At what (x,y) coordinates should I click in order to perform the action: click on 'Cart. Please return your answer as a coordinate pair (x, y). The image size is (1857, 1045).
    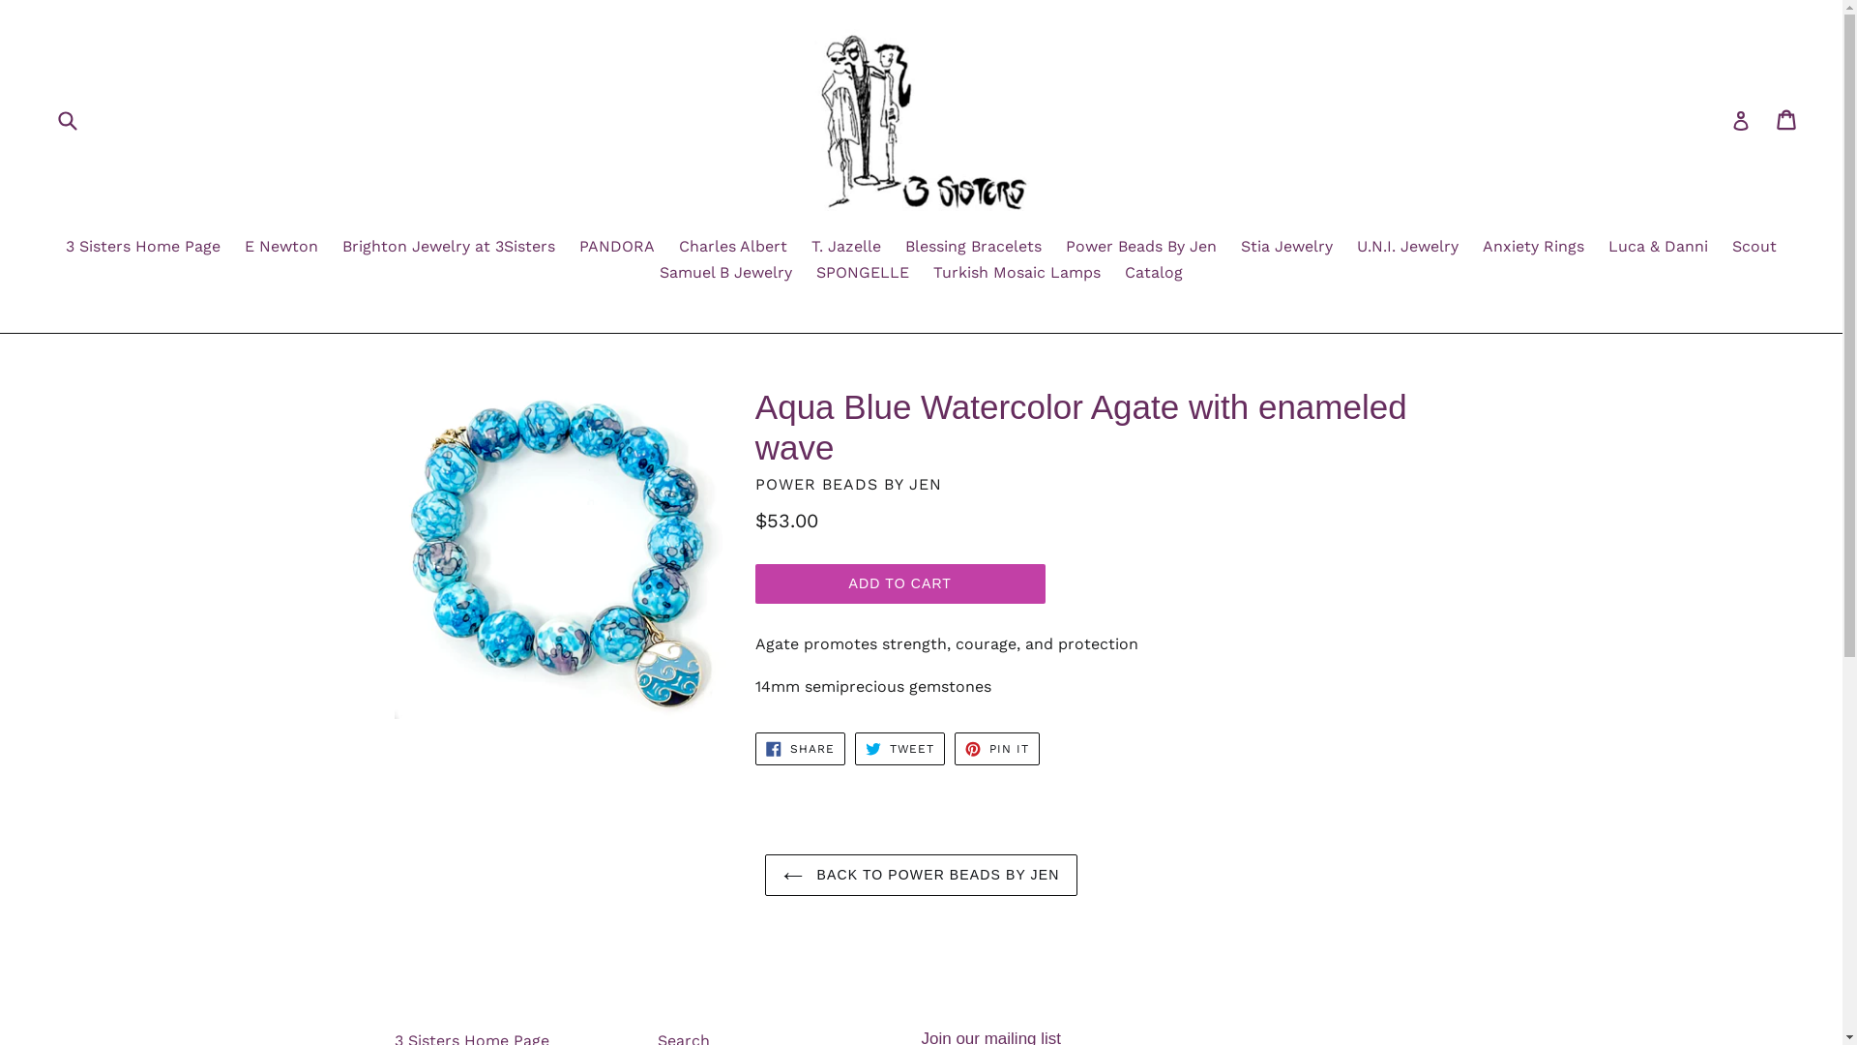
    Looking at the image, I should click on (1786, 119).